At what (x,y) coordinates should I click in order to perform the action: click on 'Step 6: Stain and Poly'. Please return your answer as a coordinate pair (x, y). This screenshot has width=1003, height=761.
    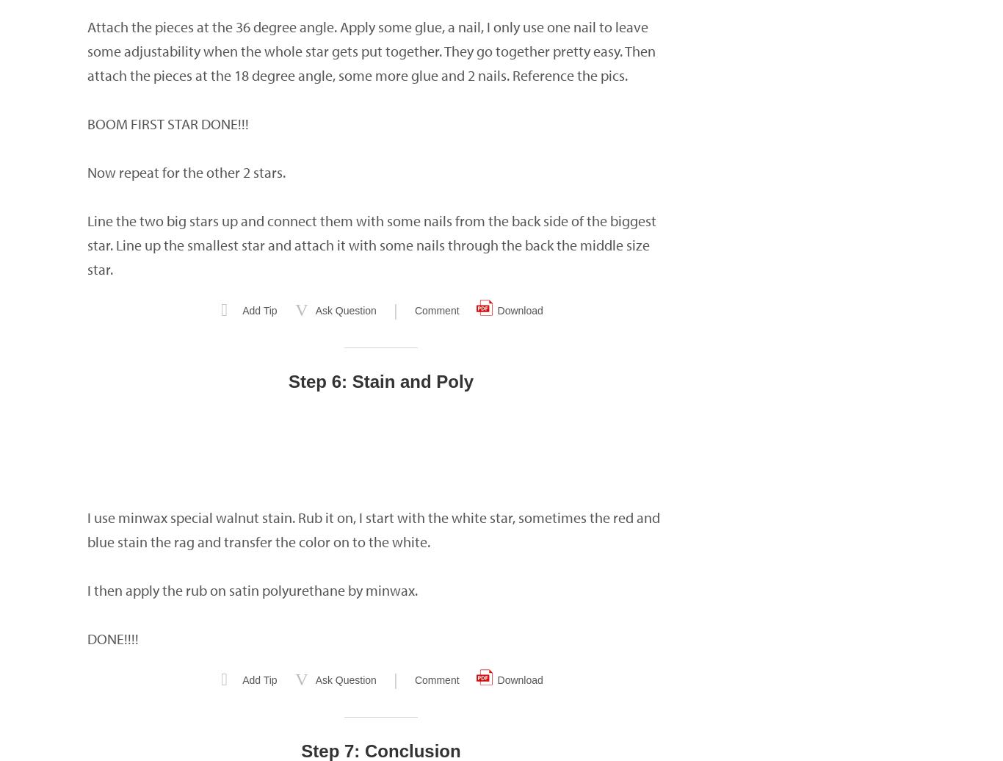
    Looking at the image, I should click on (380, 381).